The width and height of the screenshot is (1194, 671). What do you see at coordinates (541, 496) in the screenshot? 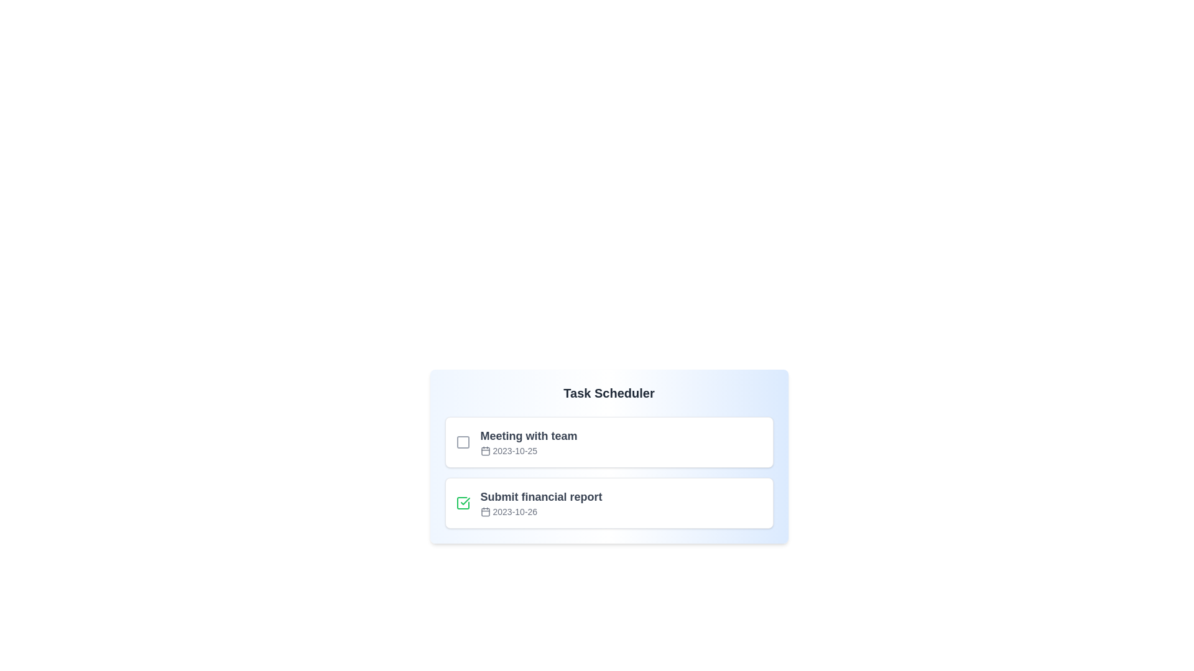
I see `text that serves as the title or main descriptor of a task entry, located in the second task card of the task list below the calendar icon` at bounding box center [541, 496].